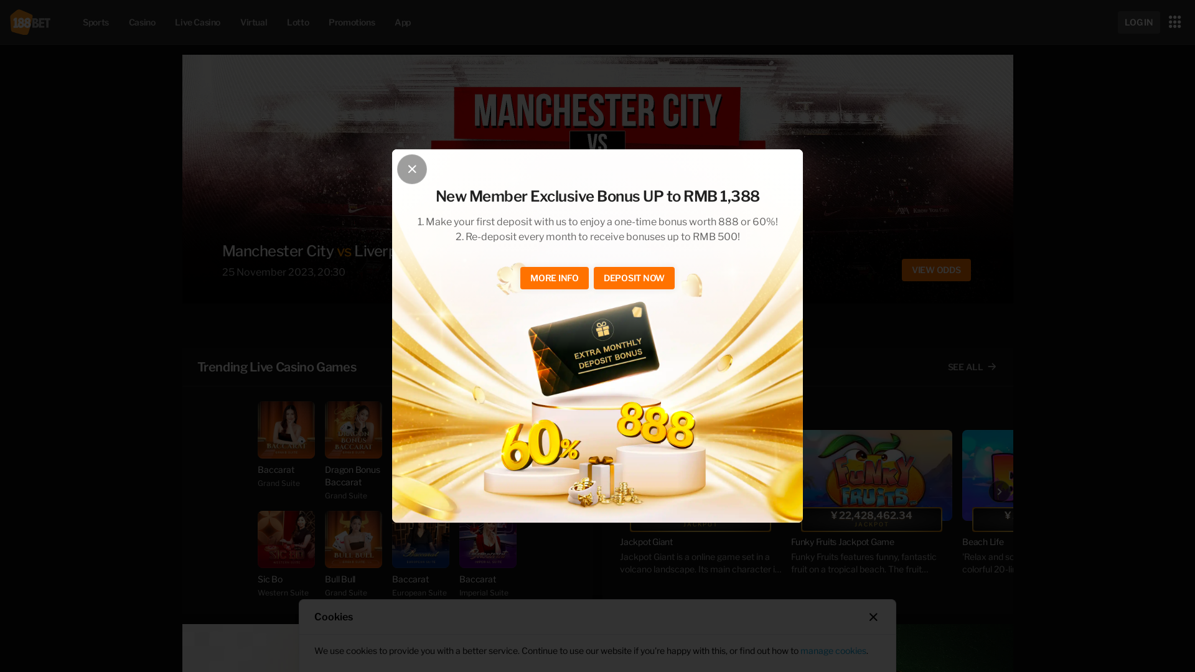  Describe the element at coordinates (95, 21) in the screenshot. I see `'Sports'` at that location.